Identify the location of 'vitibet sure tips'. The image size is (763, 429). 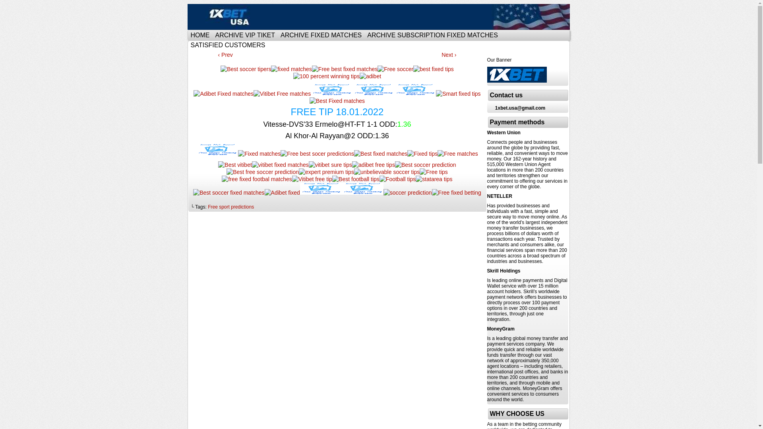
(330, 164).